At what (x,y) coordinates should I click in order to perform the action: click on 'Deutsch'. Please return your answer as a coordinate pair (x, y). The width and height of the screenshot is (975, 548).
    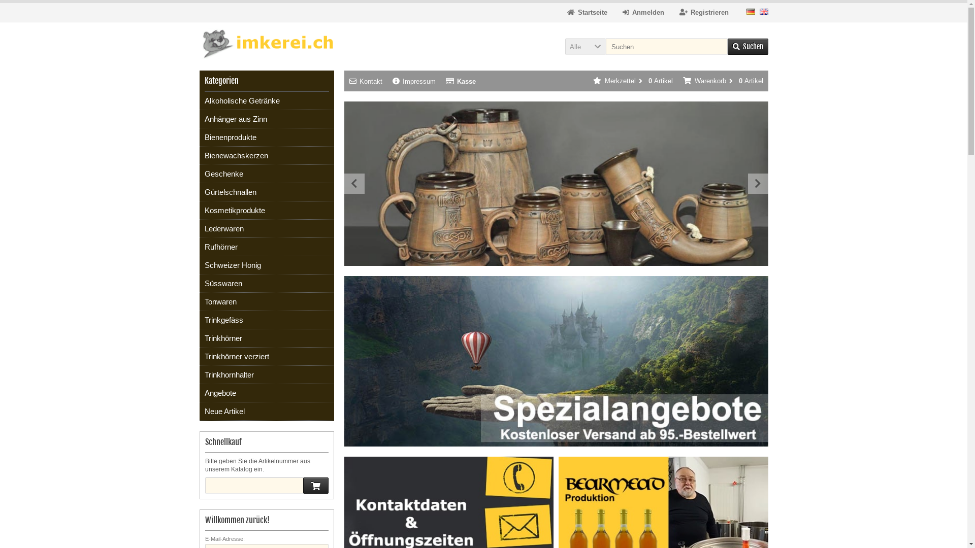
    Looking at the image, I should click on (751, 12).